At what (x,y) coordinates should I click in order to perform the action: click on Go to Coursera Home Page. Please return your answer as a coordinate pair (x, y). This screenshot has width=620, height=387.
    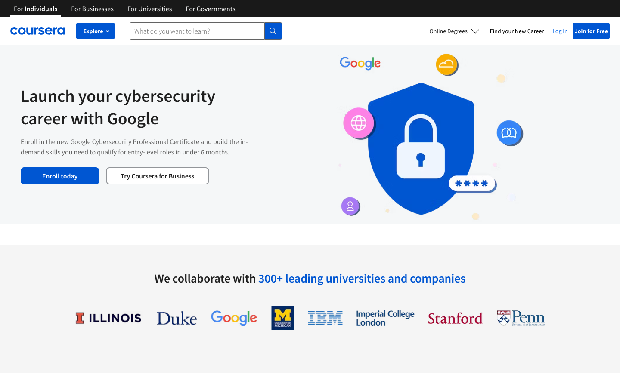
    Looking at the image, I should click on (37, 31).